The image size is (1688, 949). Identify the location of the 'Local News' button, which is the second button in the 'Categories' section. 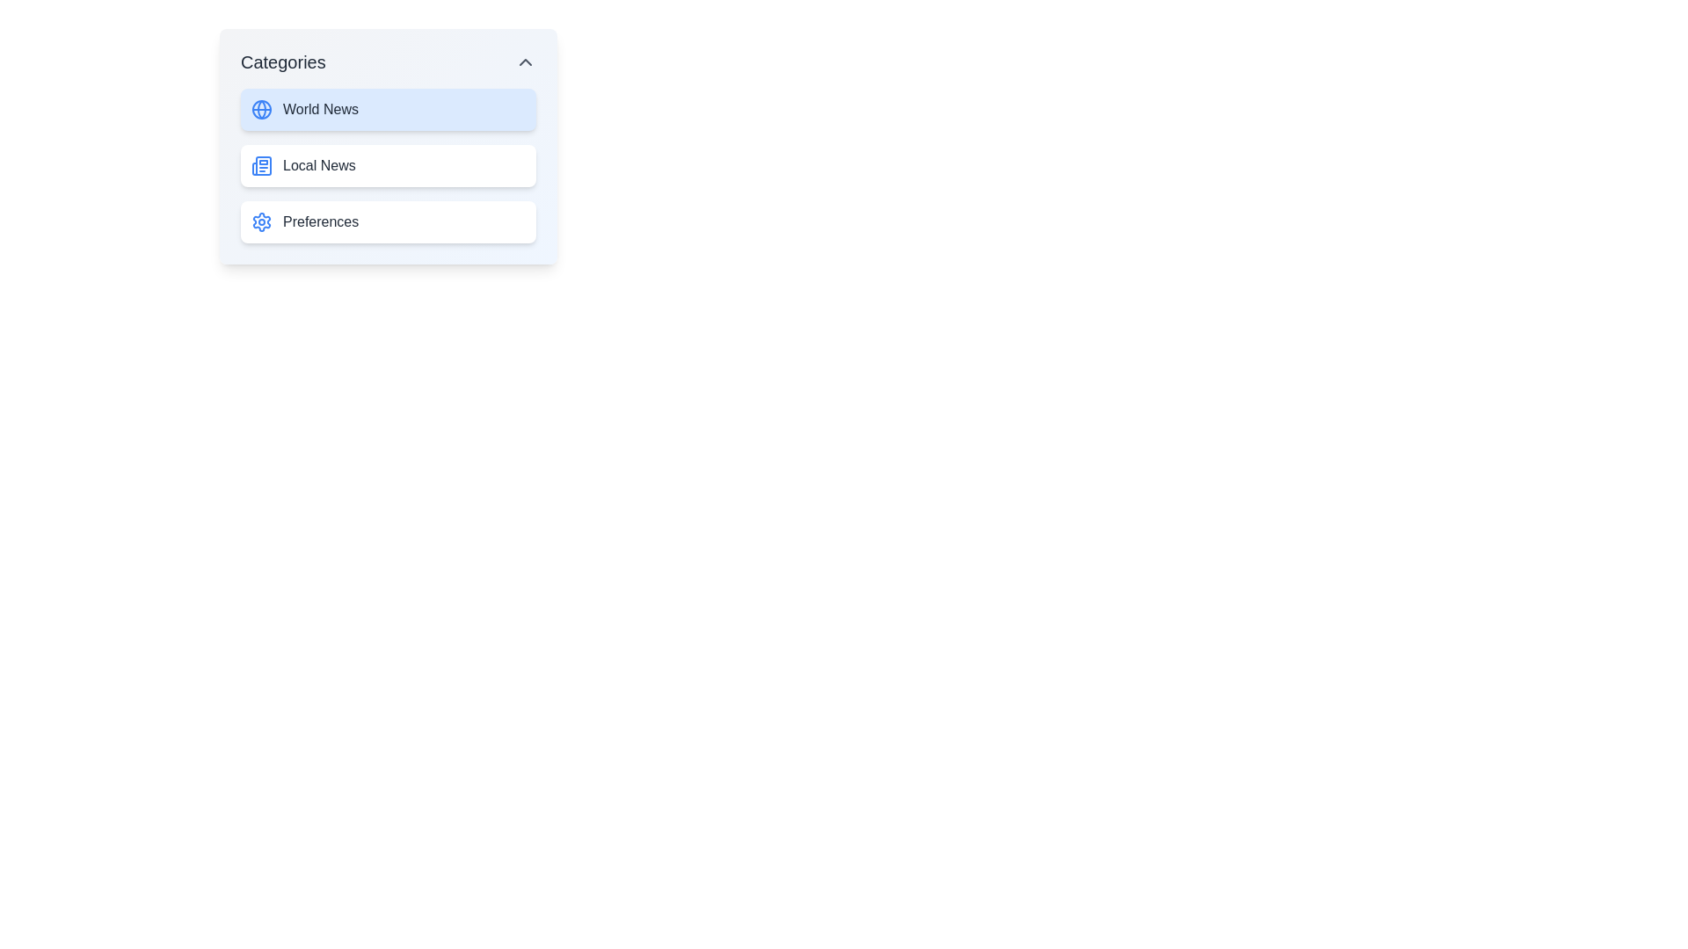
(387, 166).